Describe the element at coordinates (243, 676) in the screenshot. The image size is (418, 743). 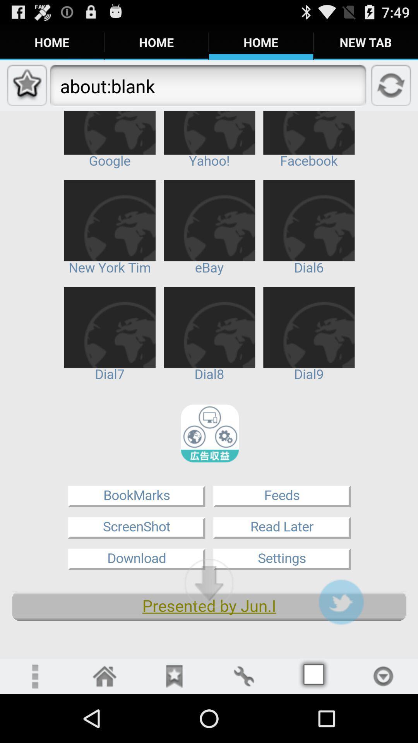
I see `repair work` at that location.